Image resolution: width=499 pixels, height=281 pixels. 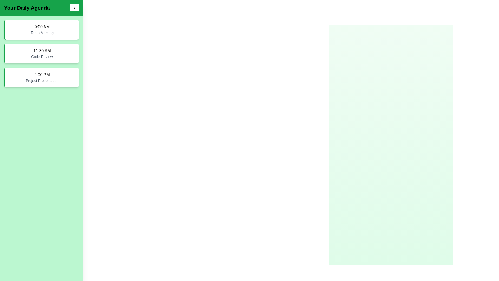 I want to click on the first Event card at the top of the list, which displays the time and title of the scheduled event, so click(x=41, y=30).